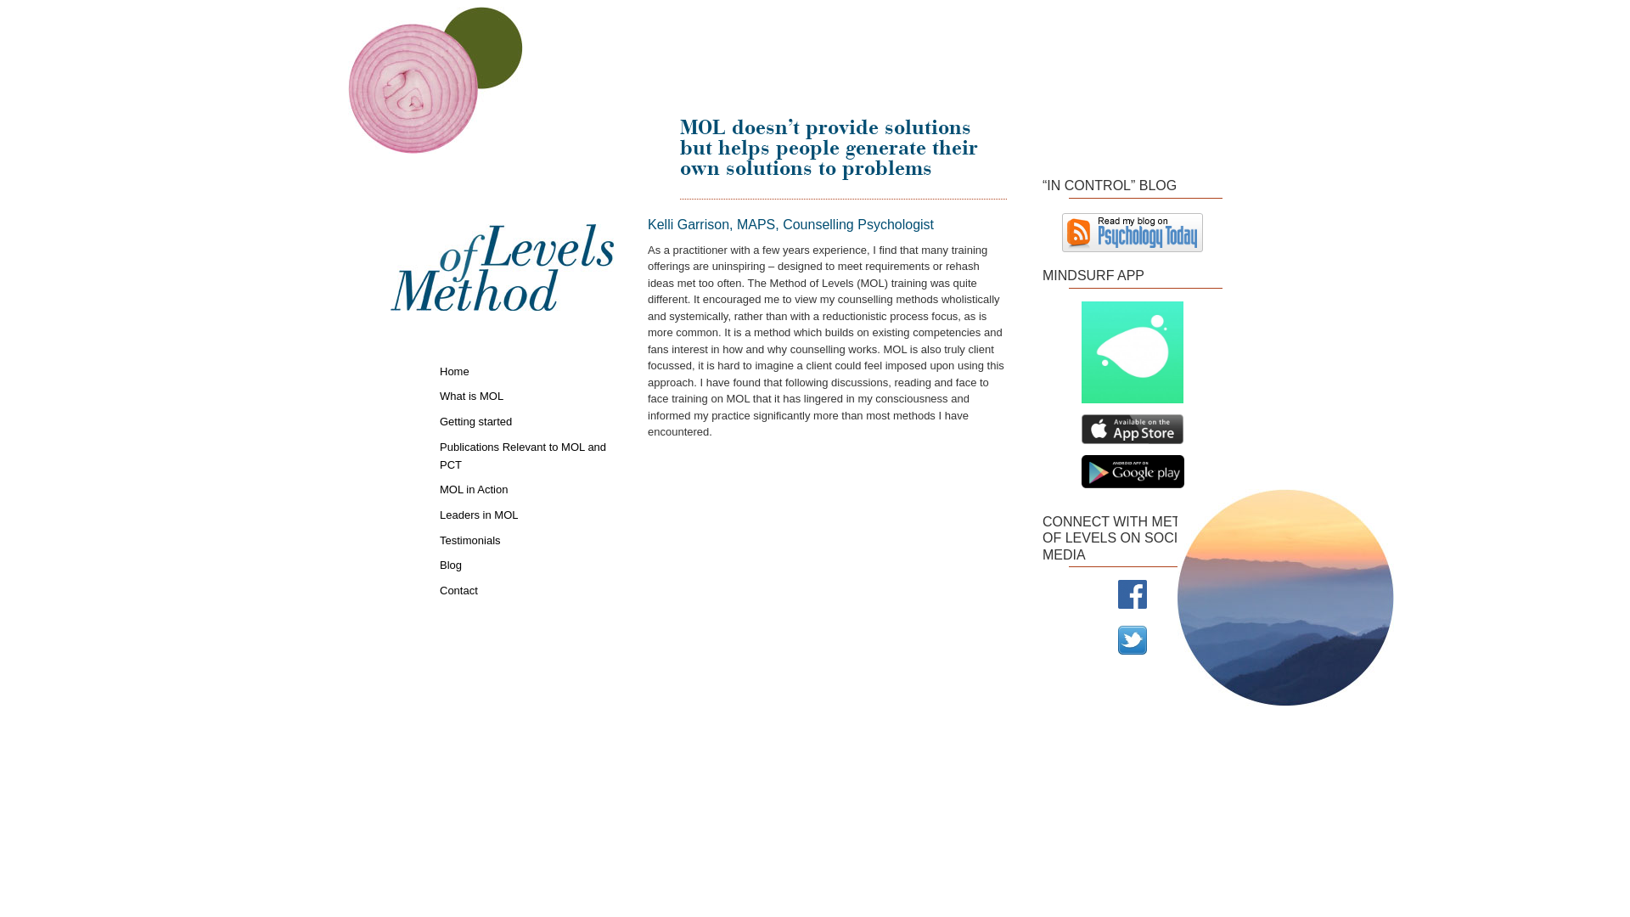 The image size is (1630, 917). I want to click on 'Testimonials', so click(526, 539).